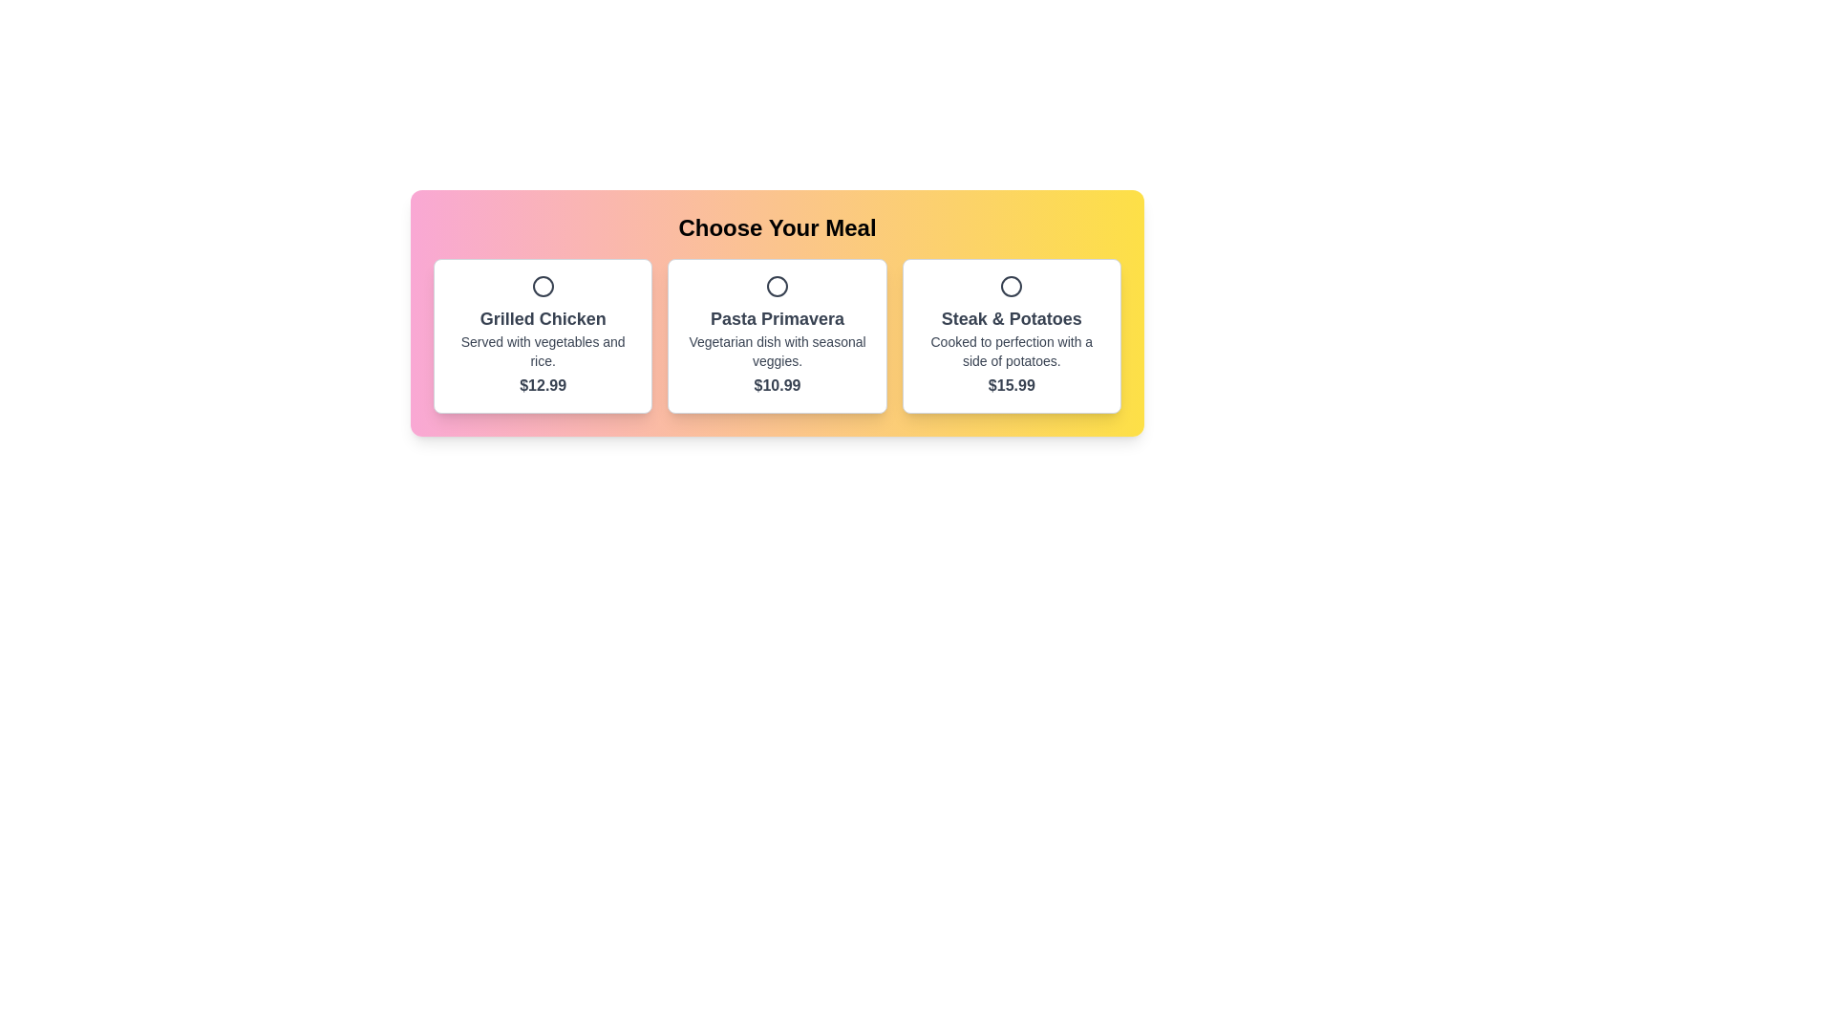 This screenshot has height=1032, width=1834. Describe the element at coordinates (542, 386) in the screenshot. I see `the price text label displaying '$12.99' below the description for 'Grilled Chicken' in the leftmost card layout` at that location.